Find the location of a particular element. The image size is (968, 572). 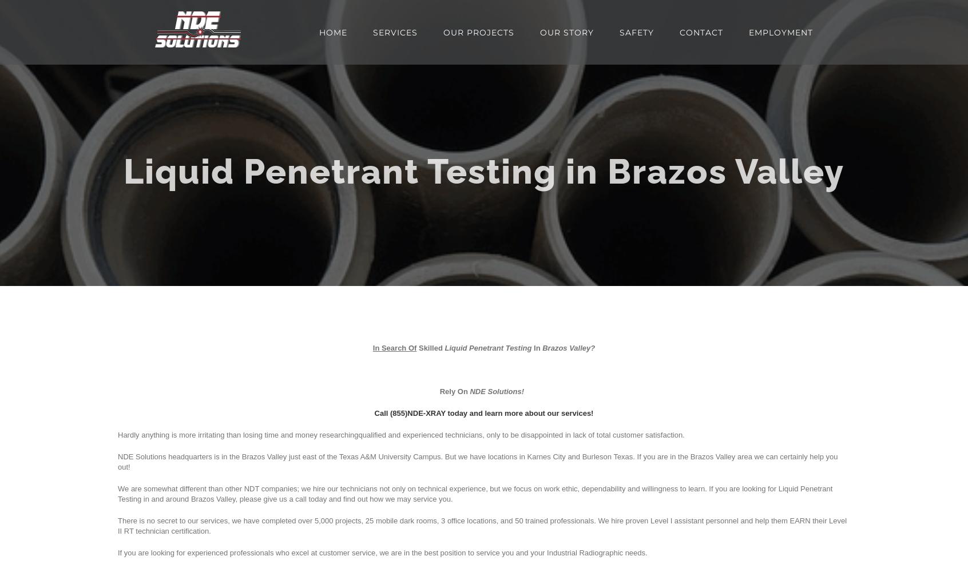

'Call (855)NDE-XRAY today and learn more about our services!' is located at coordinates (483, 412).